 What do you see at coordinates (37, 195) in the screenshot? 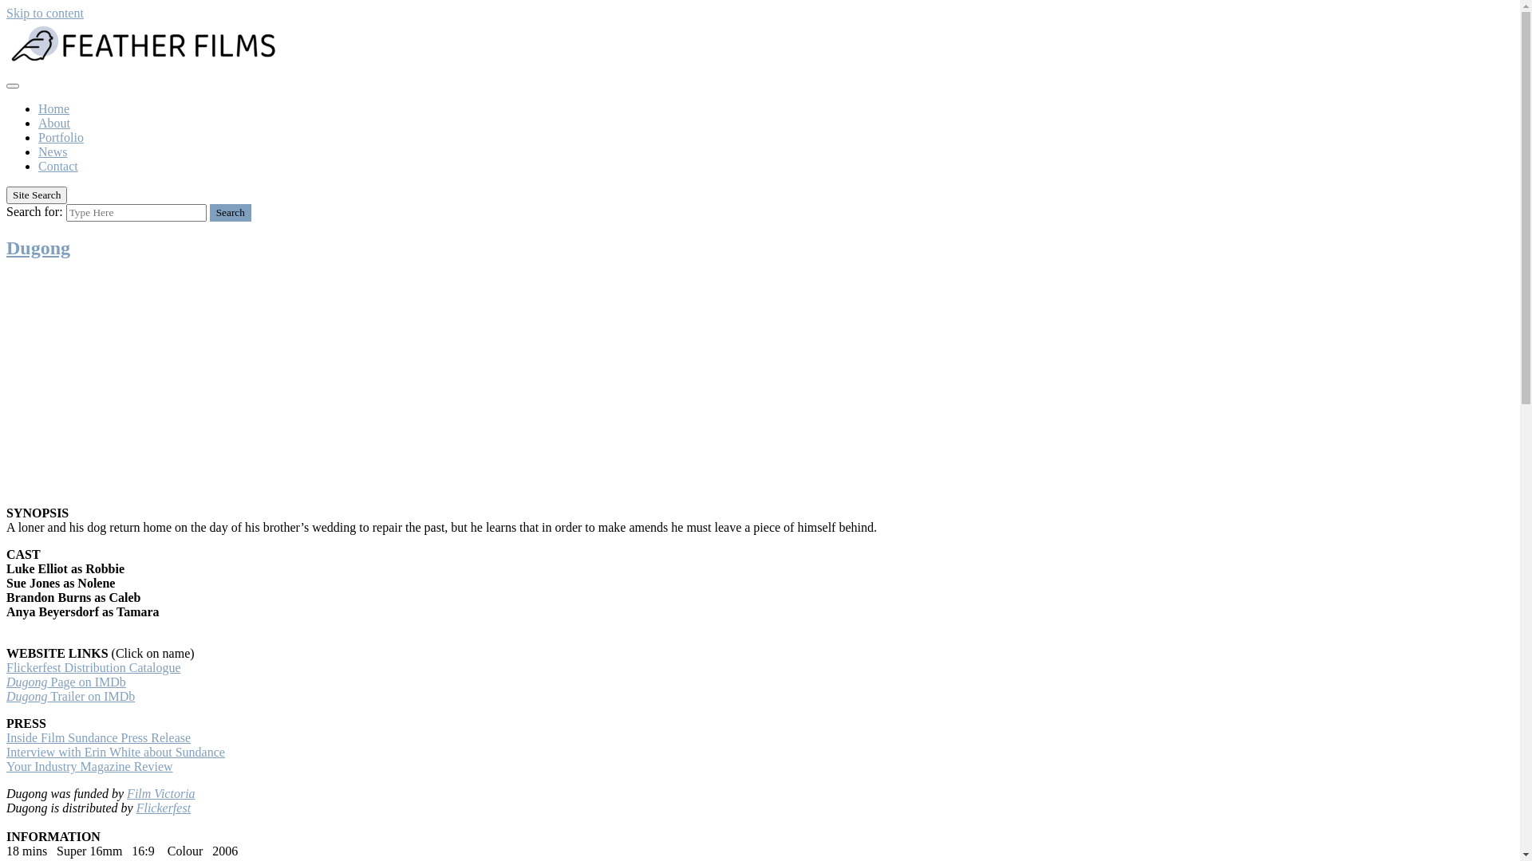
I see `'Site Search'` at bounding box center [37, 195].